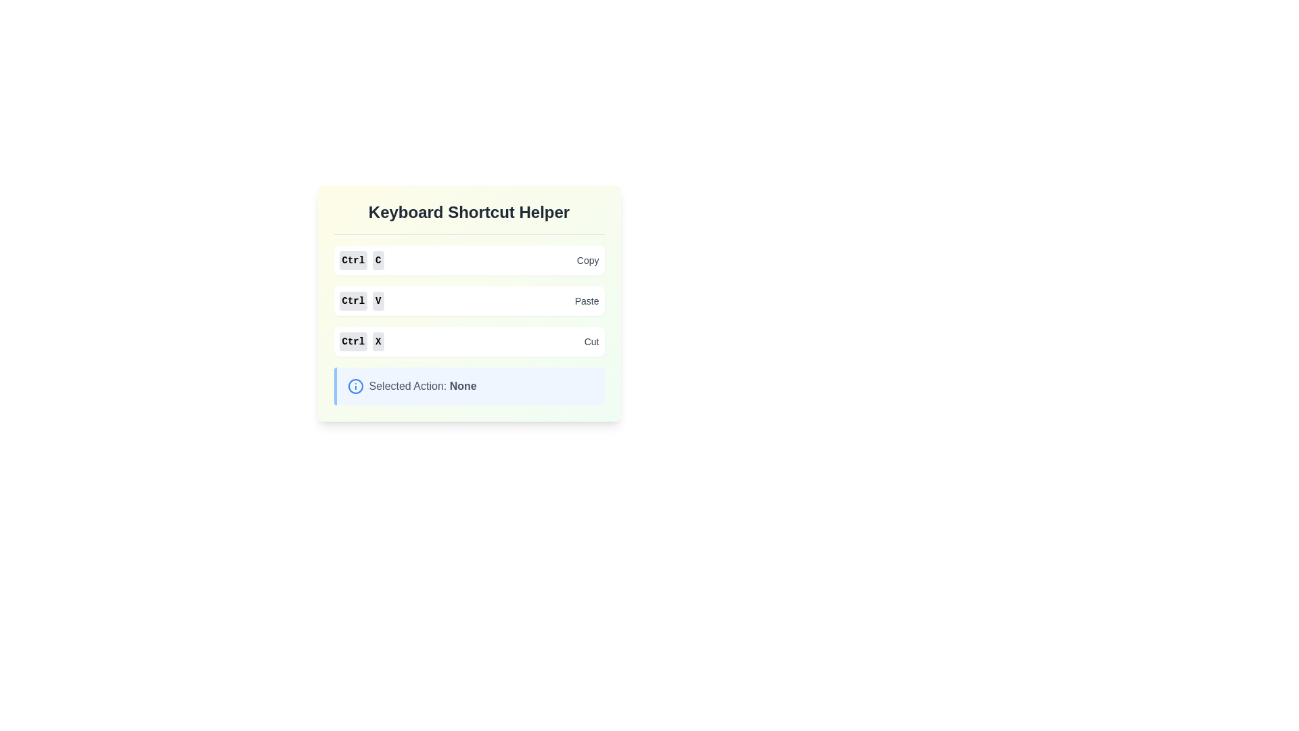 The width and height of the screenshot is (1299, 731). I want to click on the 'Paste' label, which is styled in a small gray font and positioned towards the right end of the row with shortcut keys for 'Ctrl' and 'V', so click(587, 300).